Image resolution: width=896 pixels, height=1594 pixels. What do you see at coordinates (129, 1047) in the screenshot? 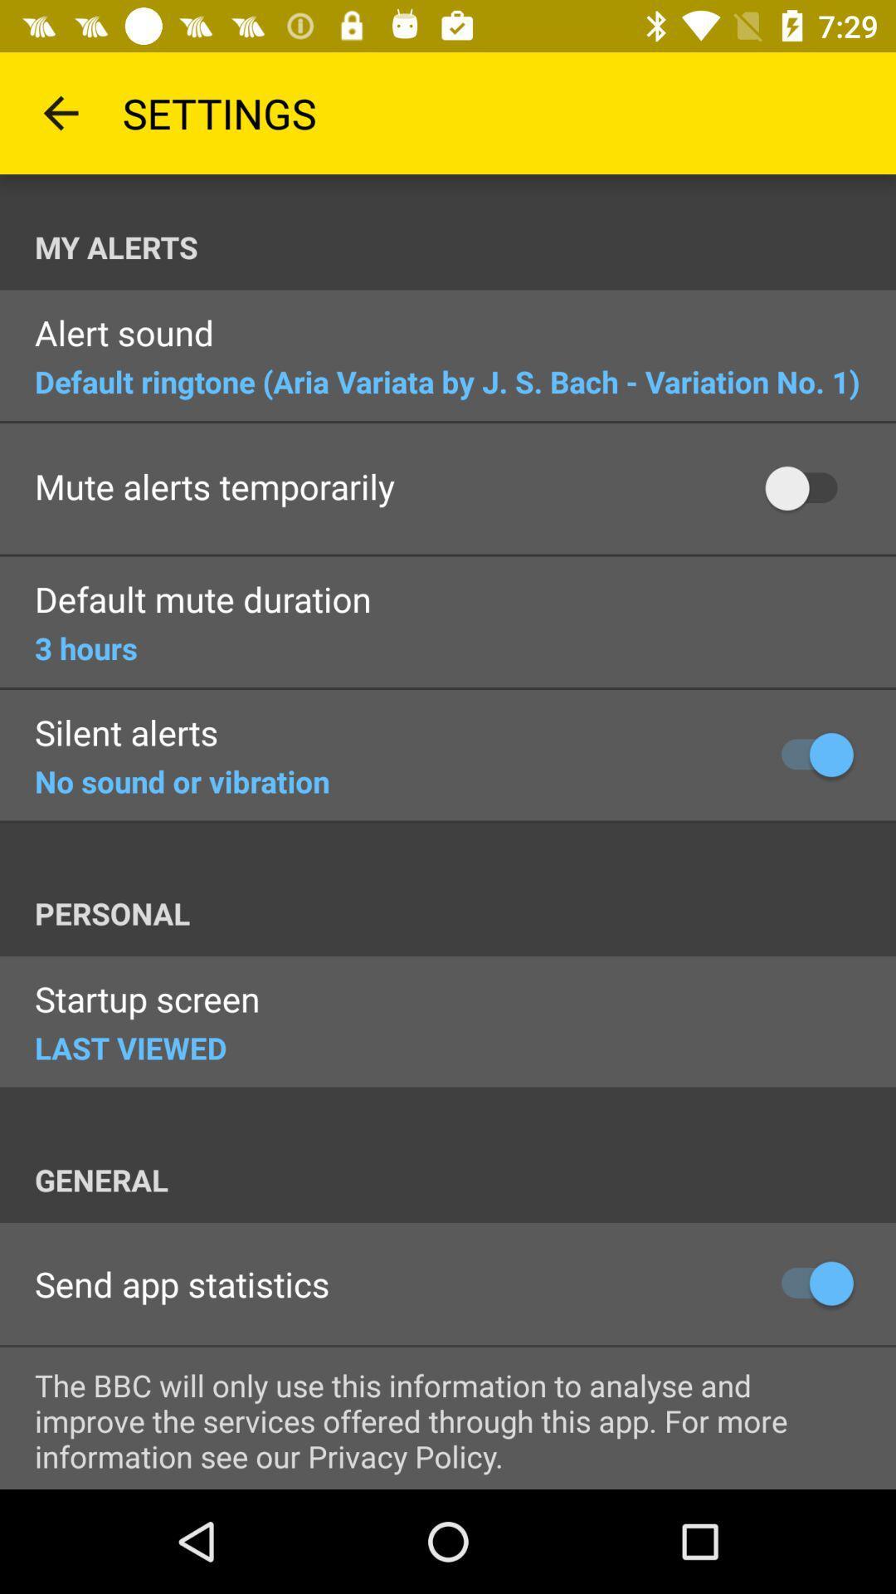
I see `item below startup screen` at bounding box center [129, 1047].